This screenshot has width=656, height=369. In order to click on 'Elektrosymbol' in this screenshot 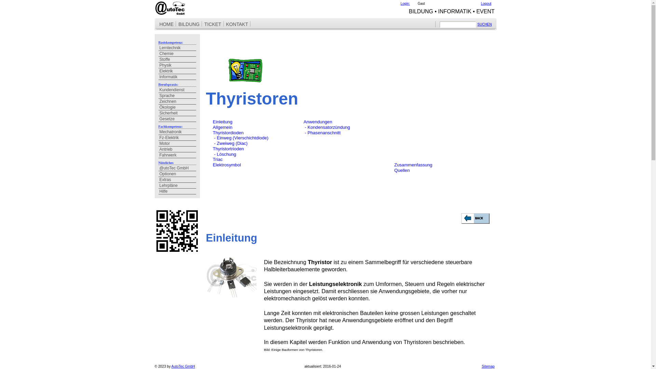, I will do `click(227, 165)`.